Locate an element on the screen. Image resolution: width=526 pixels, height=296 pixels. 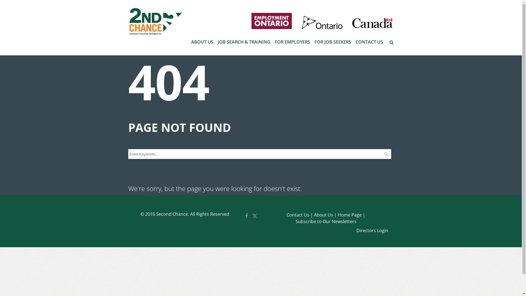
'Subscribe to Our Newsletters' is located at coordinates (326, 221).